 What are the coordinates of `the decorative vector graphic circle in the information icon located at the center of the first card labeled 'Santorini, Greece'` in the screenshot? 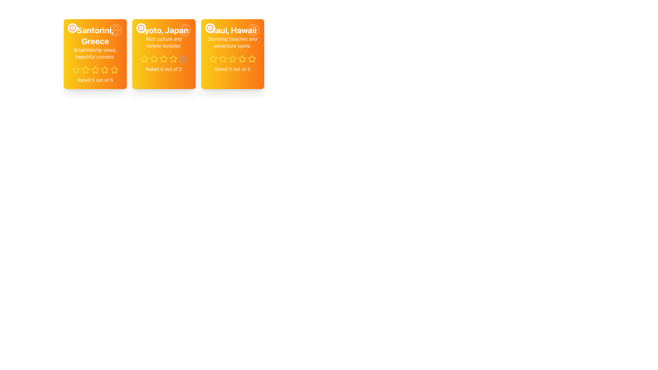 It's located at (72, 27).